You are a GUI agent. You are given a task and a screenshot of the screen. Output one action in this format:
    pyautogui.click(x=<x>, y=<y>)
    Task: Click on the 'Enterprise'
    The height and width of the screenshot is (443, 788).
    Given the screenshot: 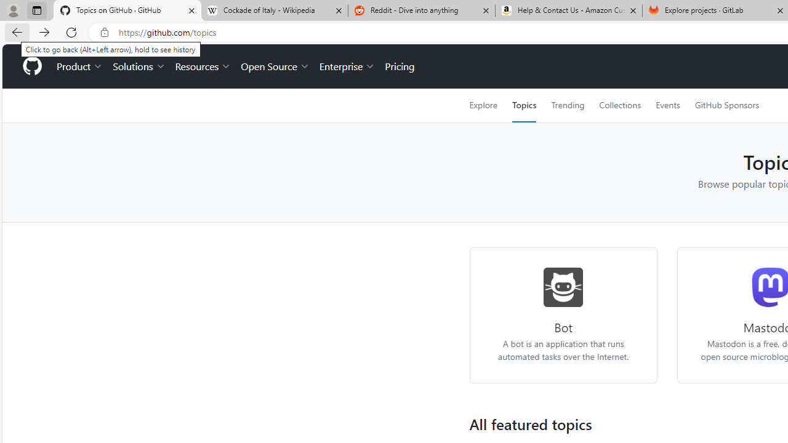 What is the action you would take?
    pyautogui.click(x=346, y=66)
    